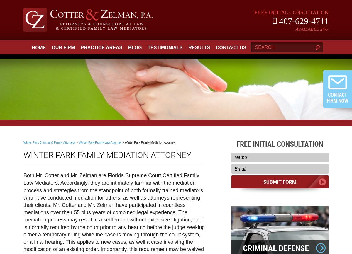 This screenshot has height=254, width=352. I want to click on 'Winter Park Criminal & Family Attorneys', so click(49, 142).